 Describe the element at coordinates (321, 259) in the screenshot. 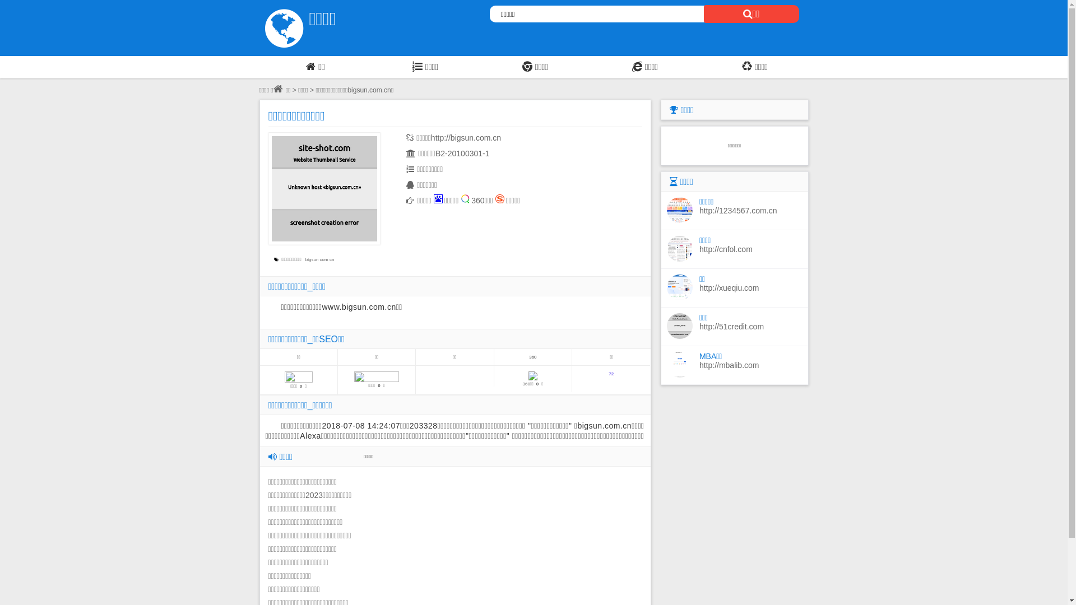

I see `'bigsun com cn'` at that location.